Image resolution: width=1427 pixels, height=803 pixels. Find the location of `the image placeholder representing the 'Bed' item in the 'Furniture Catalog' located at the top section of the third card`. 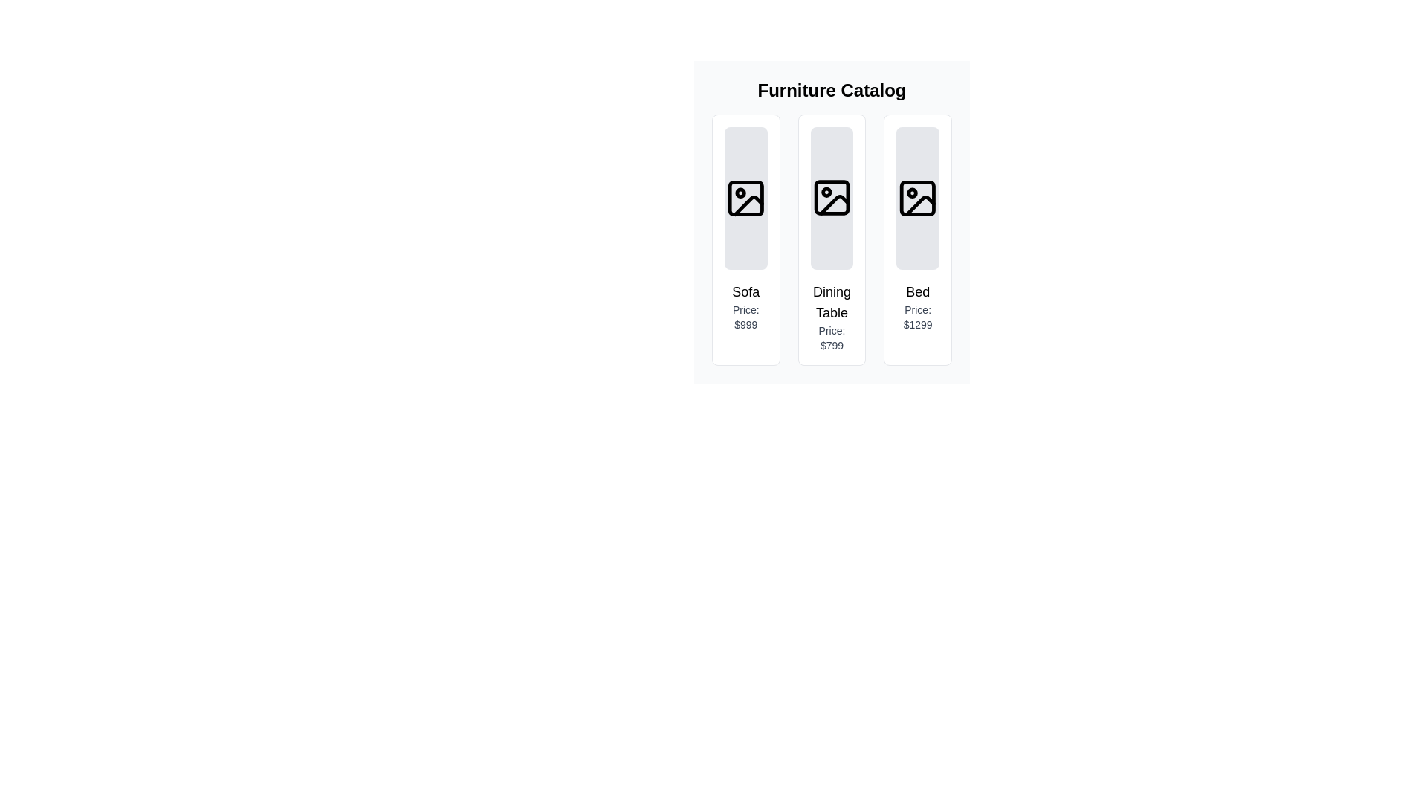

the image placeholder representing the 'Bed' item in the 'Furniture Catalog' located at the top section of the third card is located at coordinates (917, 197).